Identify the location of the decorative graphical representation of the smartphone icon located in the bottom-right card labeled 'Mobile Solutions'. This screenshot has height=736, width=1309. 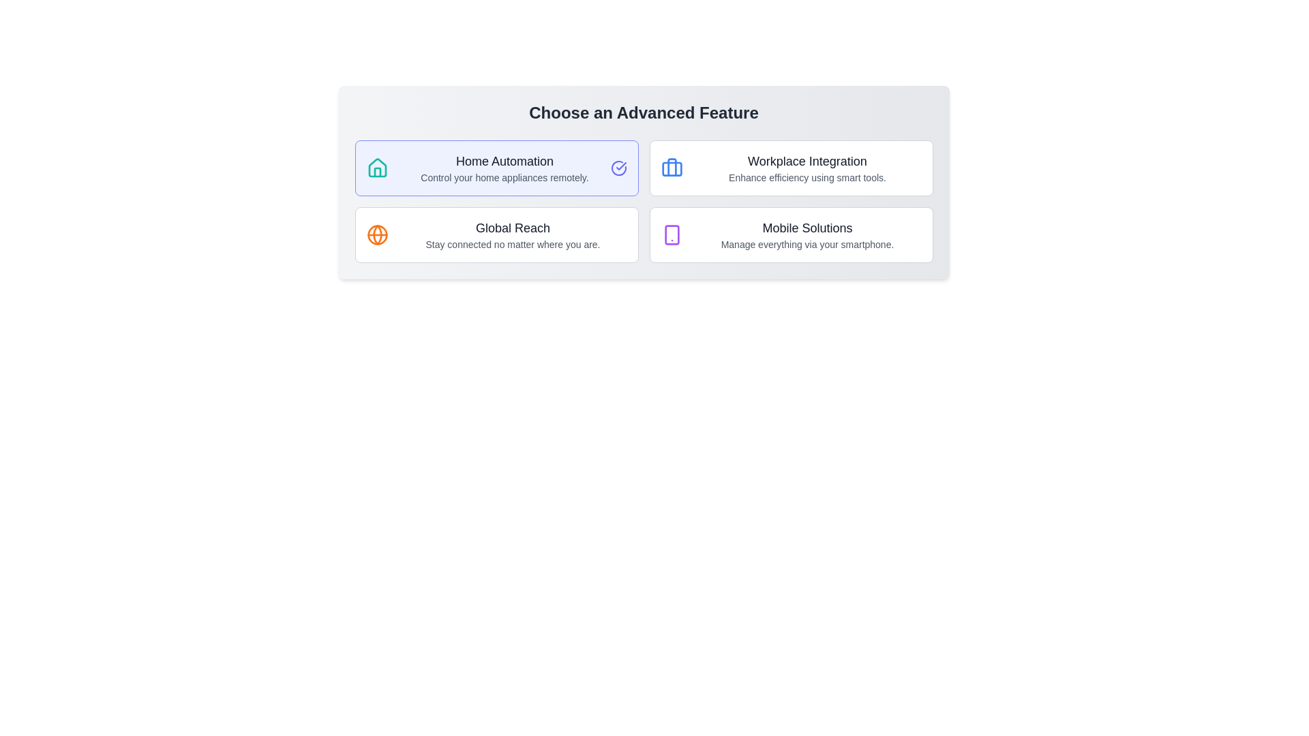
(672, 234).